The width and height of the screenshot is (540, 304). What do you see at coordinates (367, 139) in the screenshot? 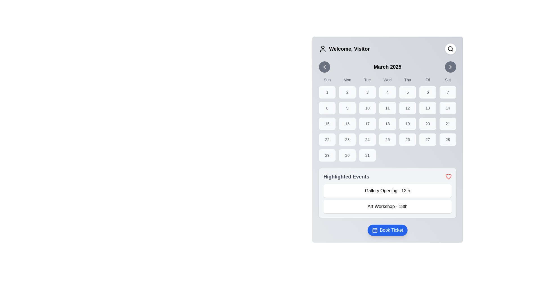
I see `the text-based button displaying the number '24', which is located in the fourth row and third column of the calendar interface` at bounding box center [367, 139].